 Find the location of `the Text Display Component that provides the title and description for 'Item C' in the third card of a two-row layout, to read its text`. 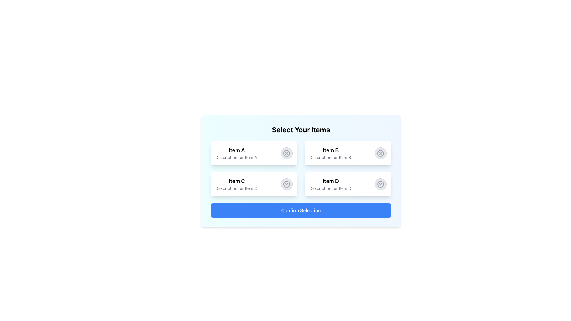

the Text Display Component that provides the title and description for 'Item C' in the third card of a two-row layout, to read its text is located at coordinates (236, 184).